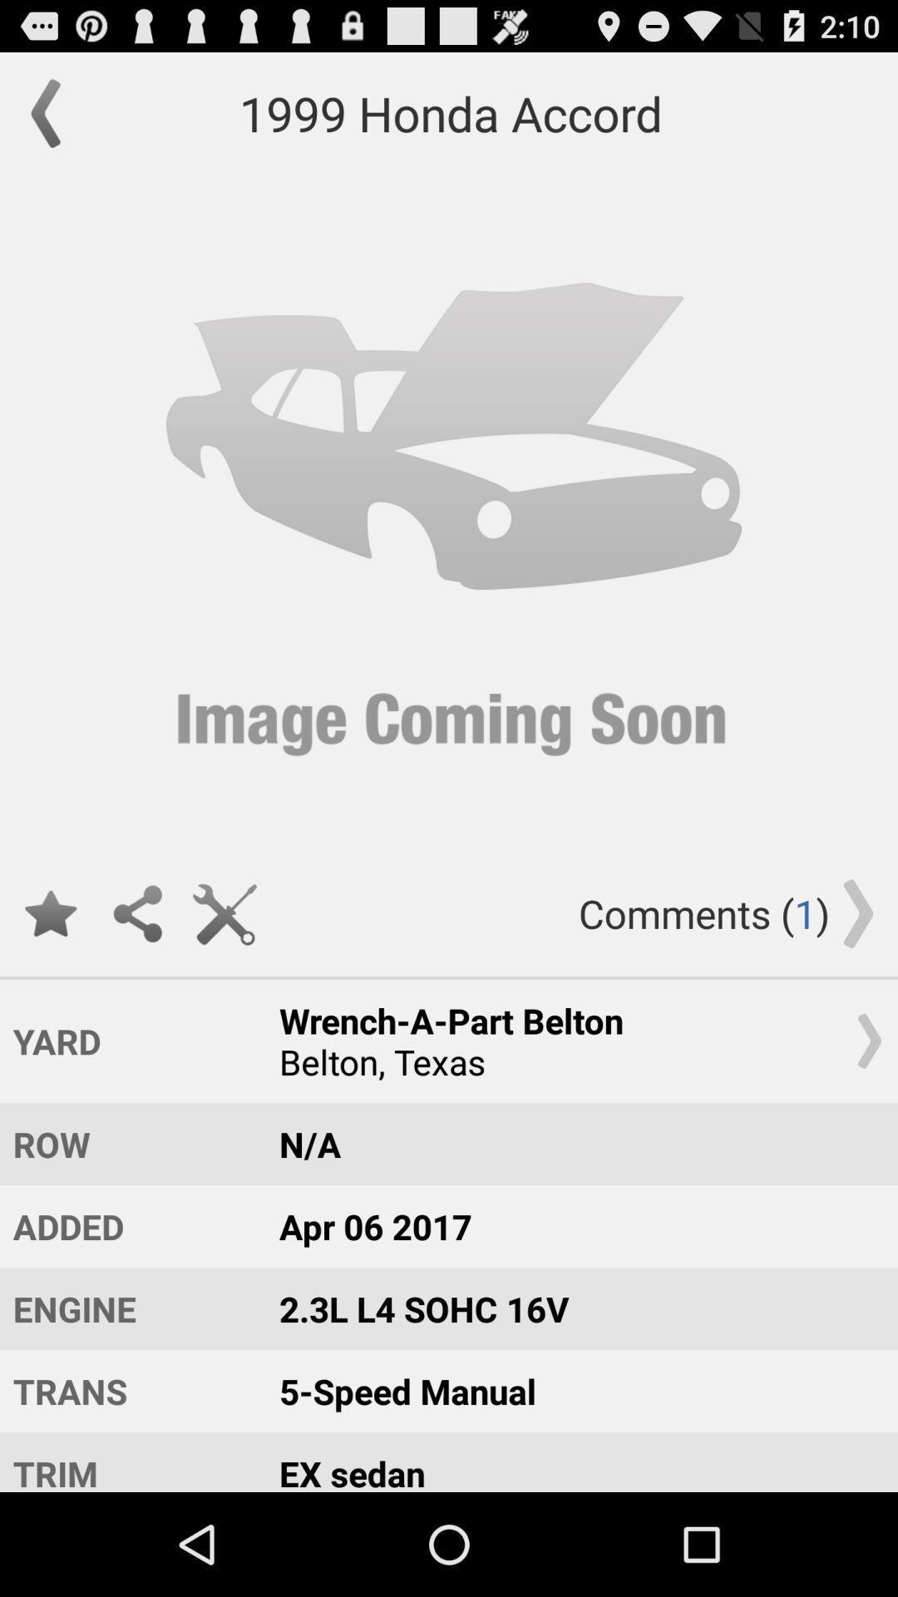 This screenshot has width=898, height=1597. Describe the element at coordinates (572, 1040) in the screenshot. I see `wrench a part at the center` at that location.